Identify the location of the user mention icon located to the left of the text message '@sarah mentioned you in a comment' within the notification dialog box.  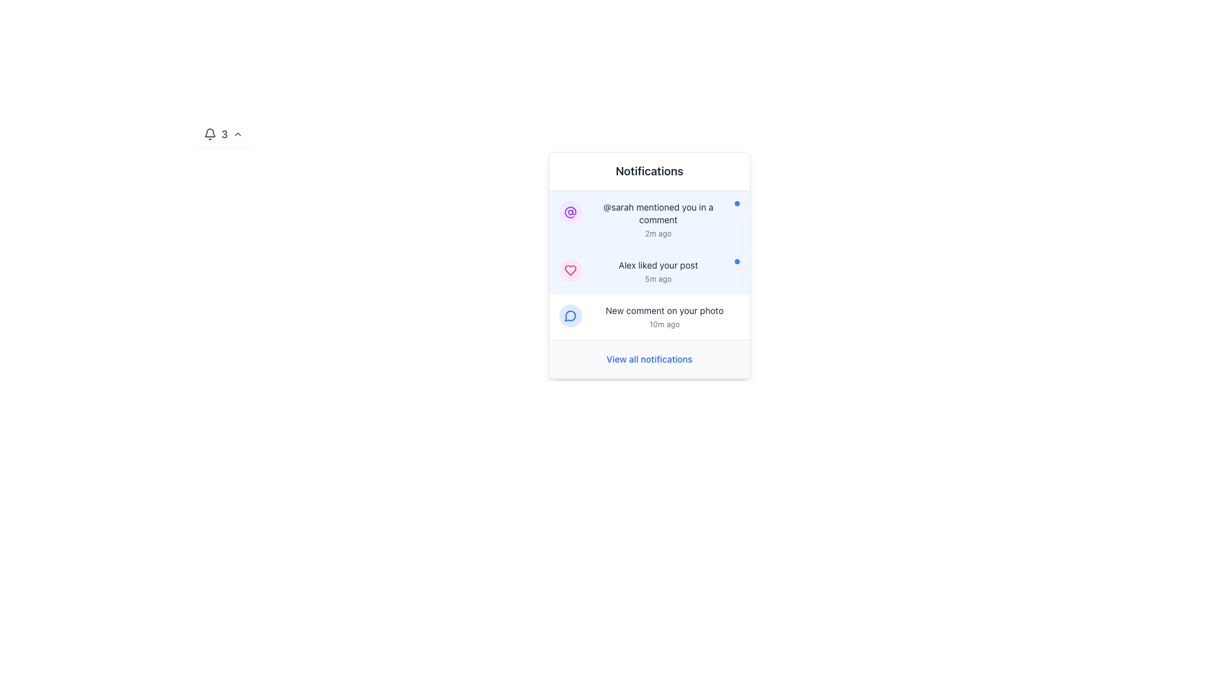
(569, 211).